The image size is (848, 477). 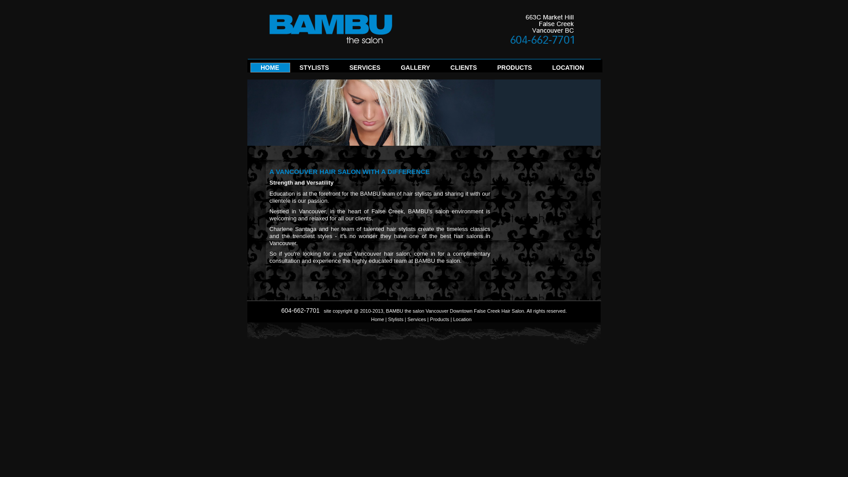 What do you see at coordinates (515, 70) in the screenshot?
I see `'PRODUCTS'` at bounding box center [515, 70].